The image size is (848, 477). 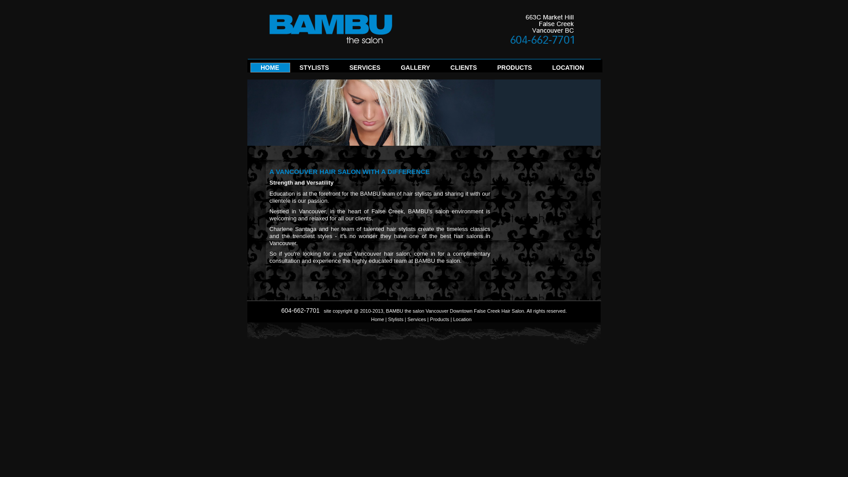 What do you see at coordinates (515, 70) in the screenshot?
I see `'PRODUCTS'` at bounding box center [515, 70].